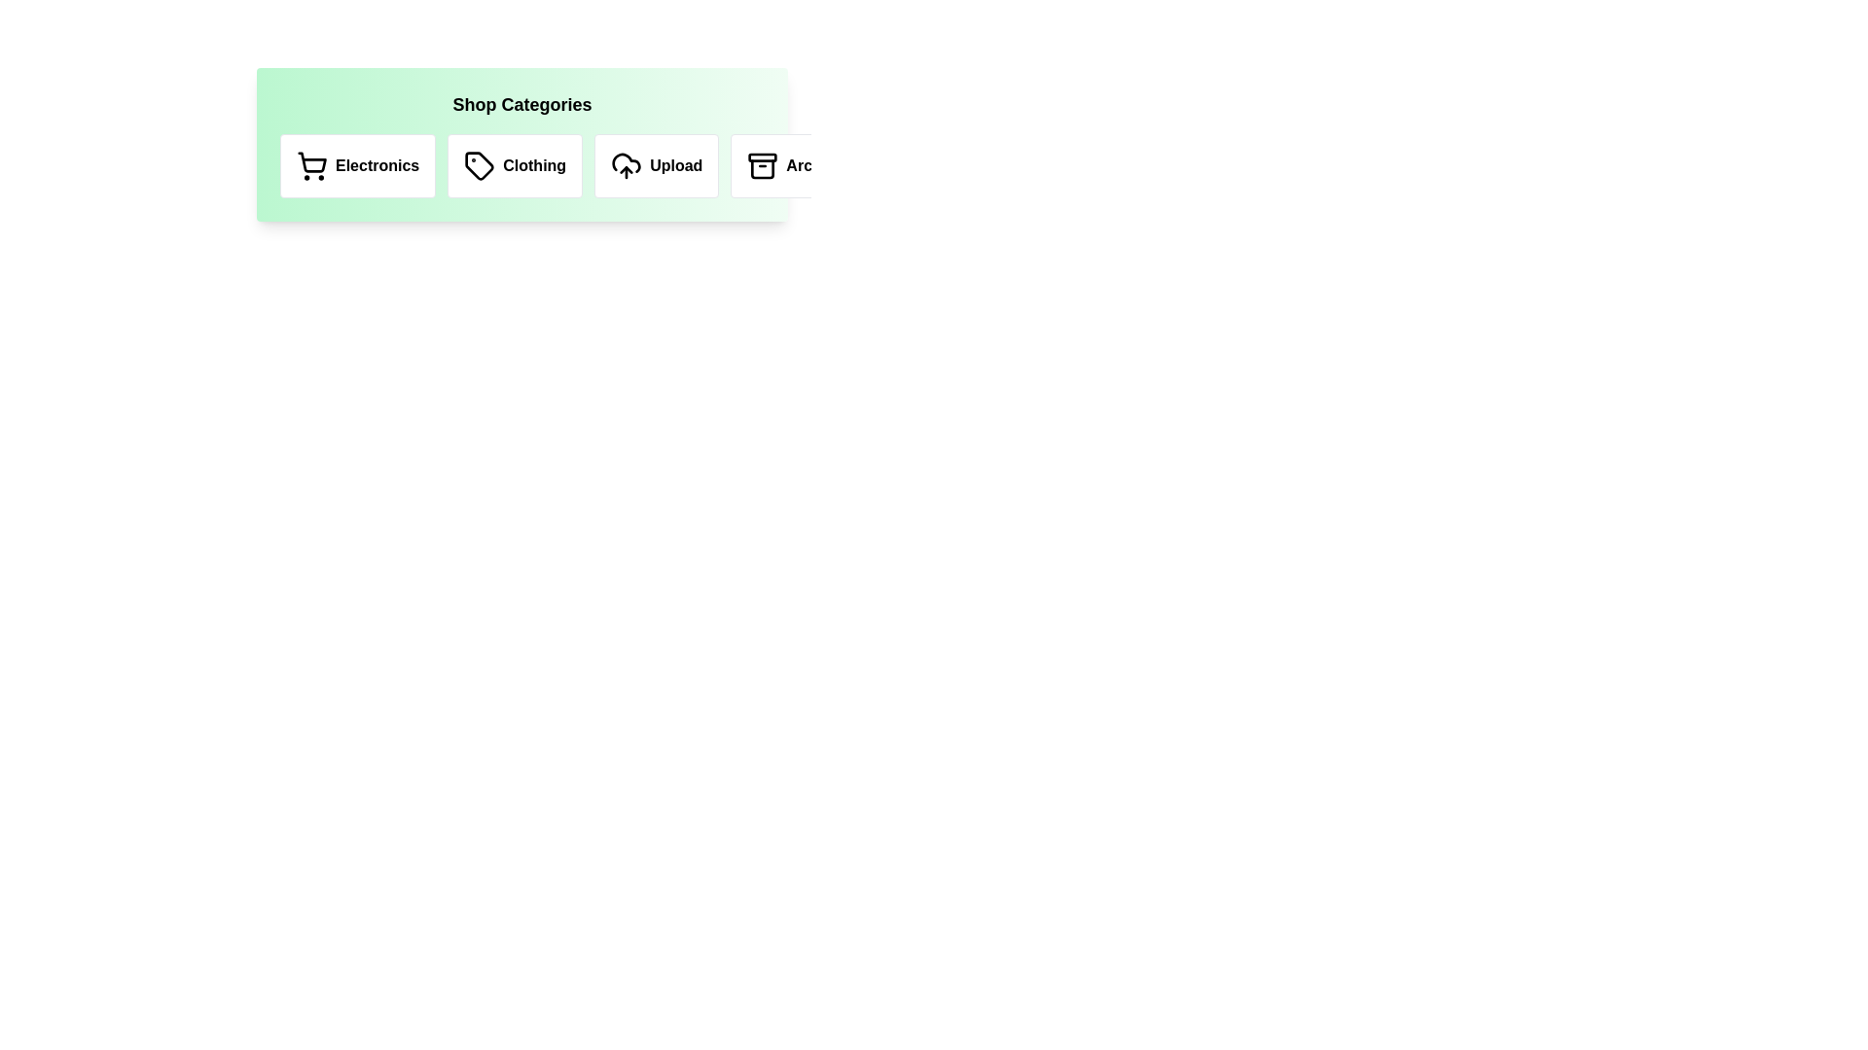 This screenshot has width=1868, height=1050. What do you see at coordinates (515, 164) in the screenshot?
I see `the text of the category label Clothing` at bounding box center [515, 164].